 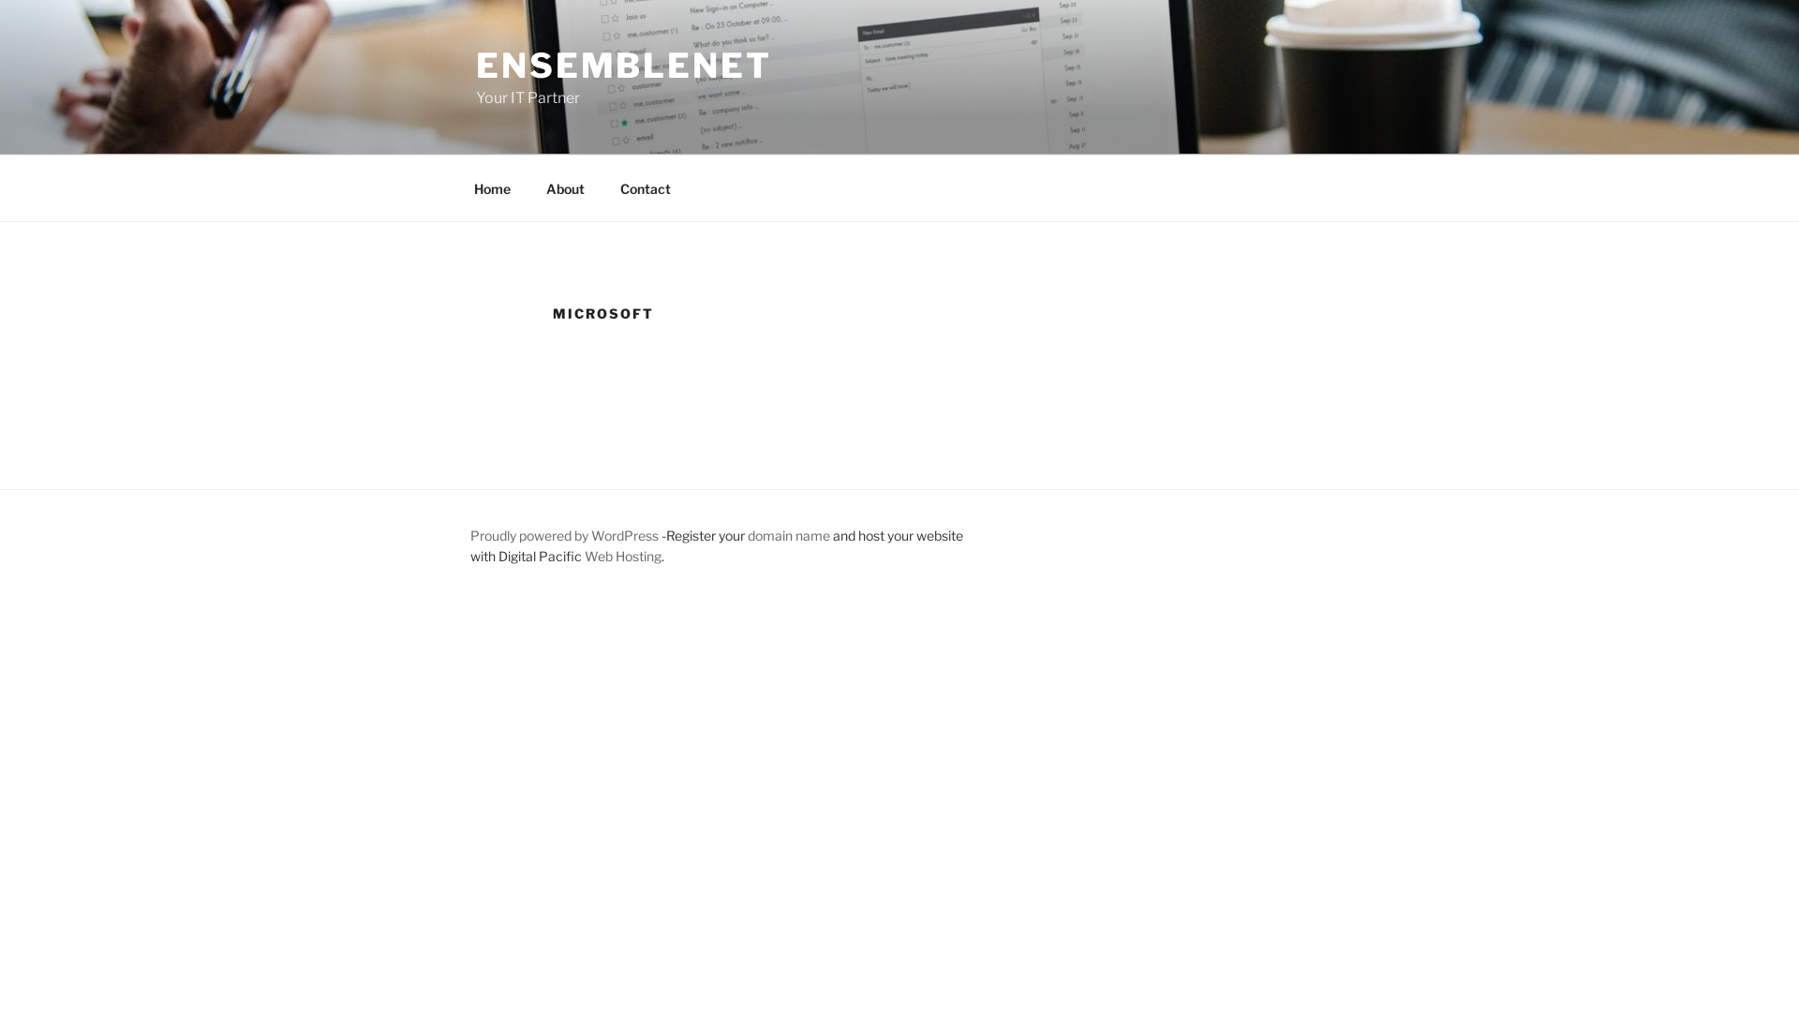 I want to click on 'Home', so click(x=457, y=187).